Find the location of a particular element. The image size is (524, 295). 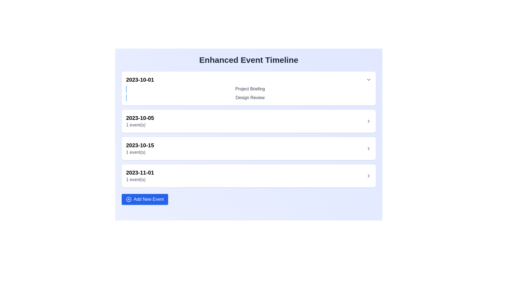

text content of the label 'Project Briefing', which is styled with a blue left border and is the first item under the header '2023-10-01' in the vertical timeline is located at coordinates (248, 89).